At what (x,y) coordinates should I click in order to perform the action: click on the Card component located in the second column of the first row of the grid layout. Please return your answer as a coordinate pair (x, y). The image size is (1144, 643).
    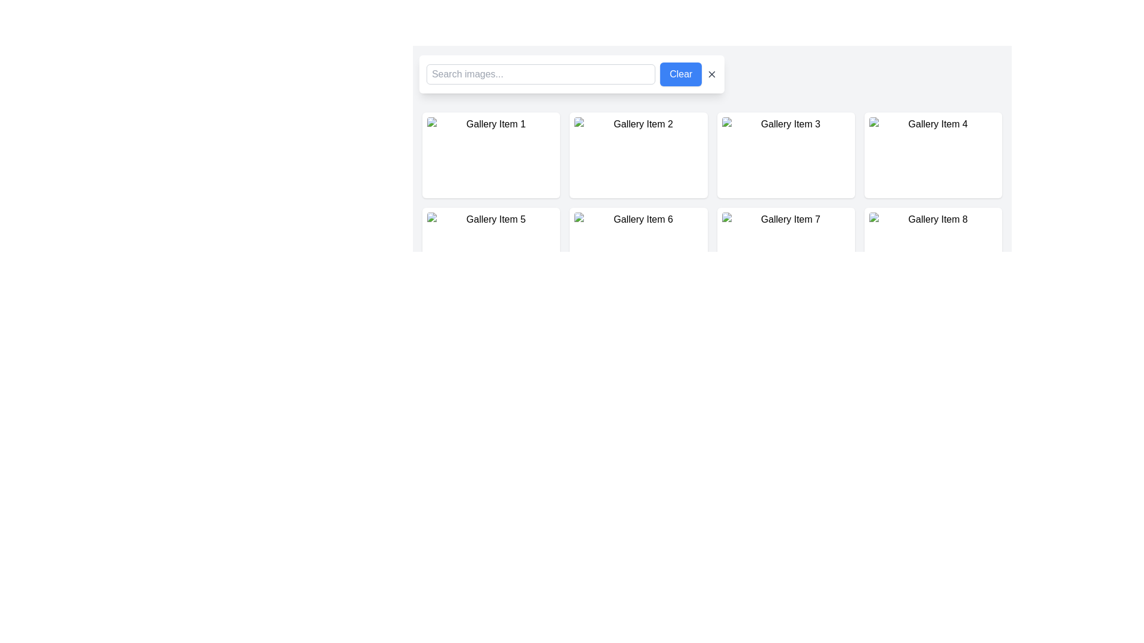
    Looking at the image, I should click on (638, 155).